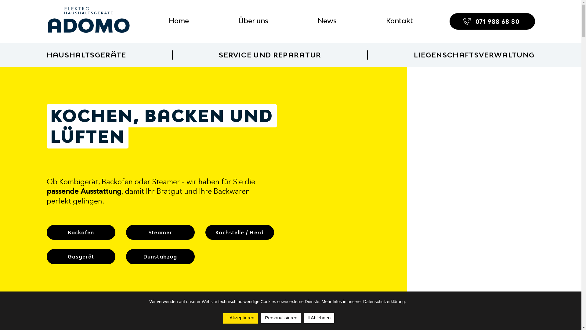  What do you see at coordinates (399, 20) in the screenshot?
I see `'Kontakt'` at bounding box center [399, 20].